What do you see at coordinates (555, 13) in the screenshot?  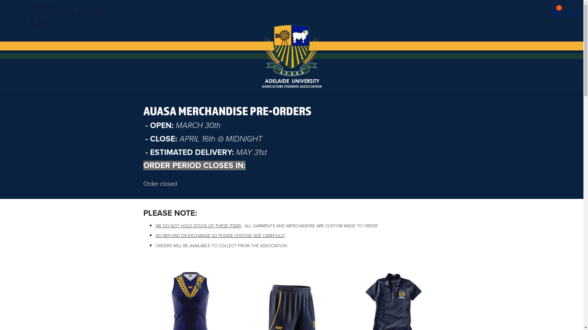 I see `'0'` at bounding box center [555, 13].